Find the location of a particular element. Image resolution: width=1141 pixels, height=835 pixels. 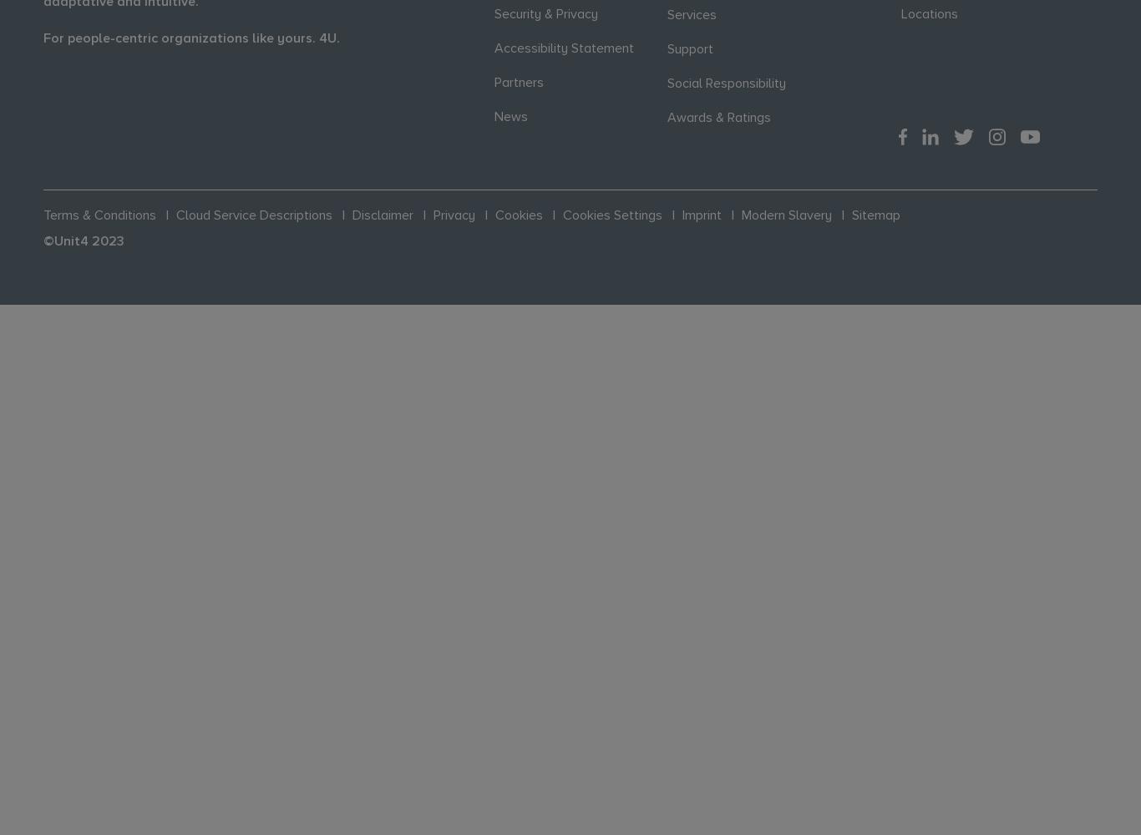

'©Unit4 2023' is located at coordinates (84, 240).